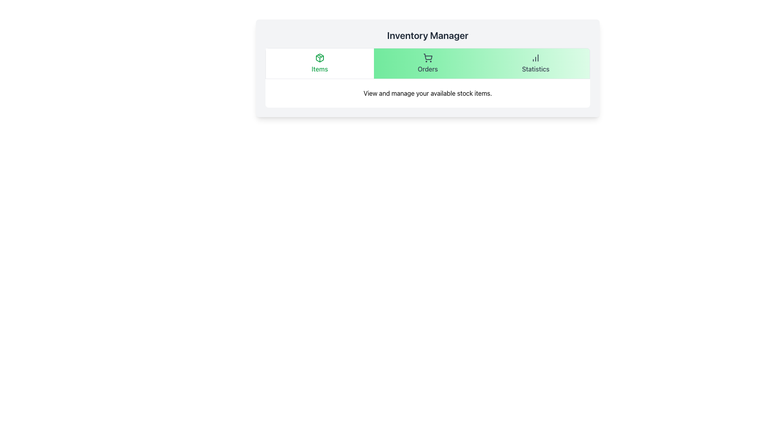  Describe the element at coordinates (536, 63) in the screenshot. I see `the navigation button labeled 'Inventory Manager'` at that location.